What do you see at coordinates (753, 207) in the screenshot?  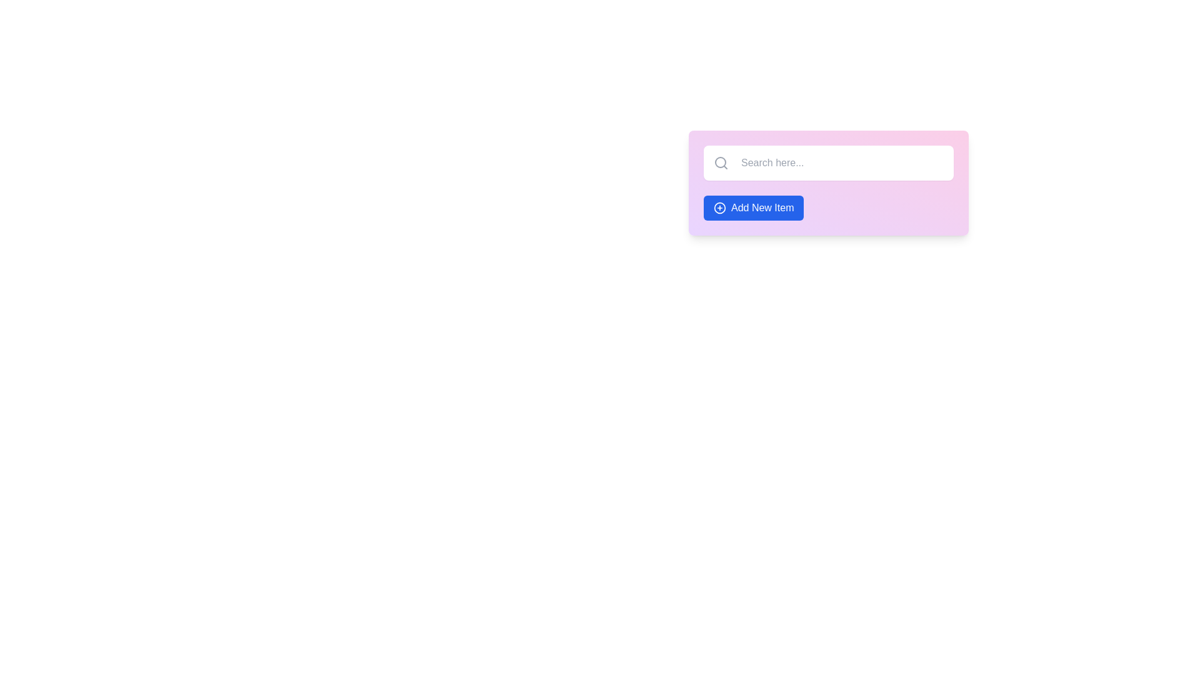 I see `the button that adds a new item by navigating to it` at bounding box center [753, 207].